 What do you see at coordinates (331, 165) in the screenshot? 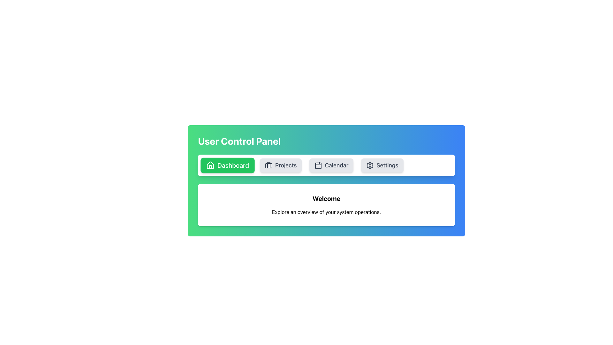
I see `the navigational button that redirects to the calendar section of the application for keyboard interaction` at bounding box center [331, 165].